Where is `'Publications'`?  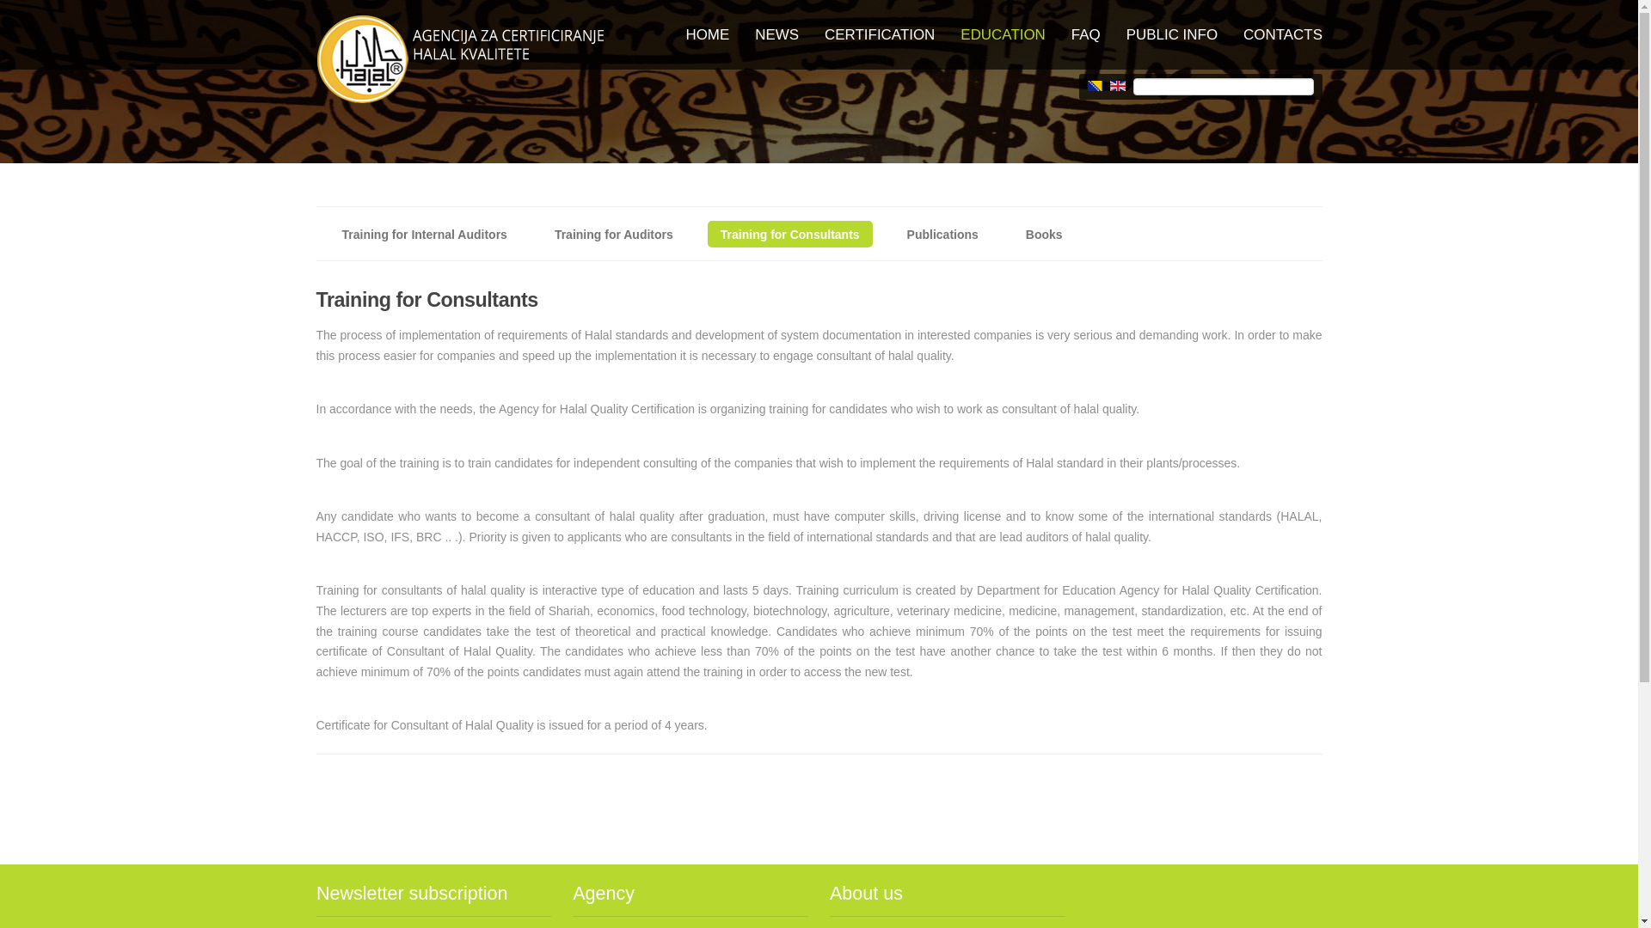 'Publications' is located at coordinates (942, 233).